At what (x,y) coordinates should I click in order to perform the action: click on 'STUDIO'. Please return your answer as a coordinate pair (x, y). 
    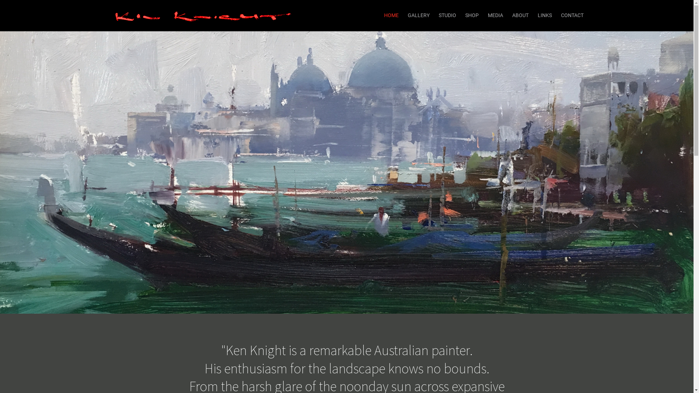
    Looking at the image, I should click on (447, 15).